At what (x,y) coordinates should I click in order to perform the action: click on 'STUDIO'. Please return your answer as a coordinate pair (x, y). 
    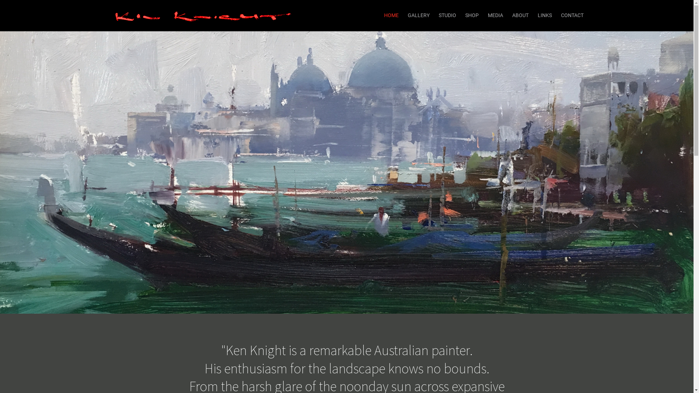
    Looking at the image, I should click on (447, 15).